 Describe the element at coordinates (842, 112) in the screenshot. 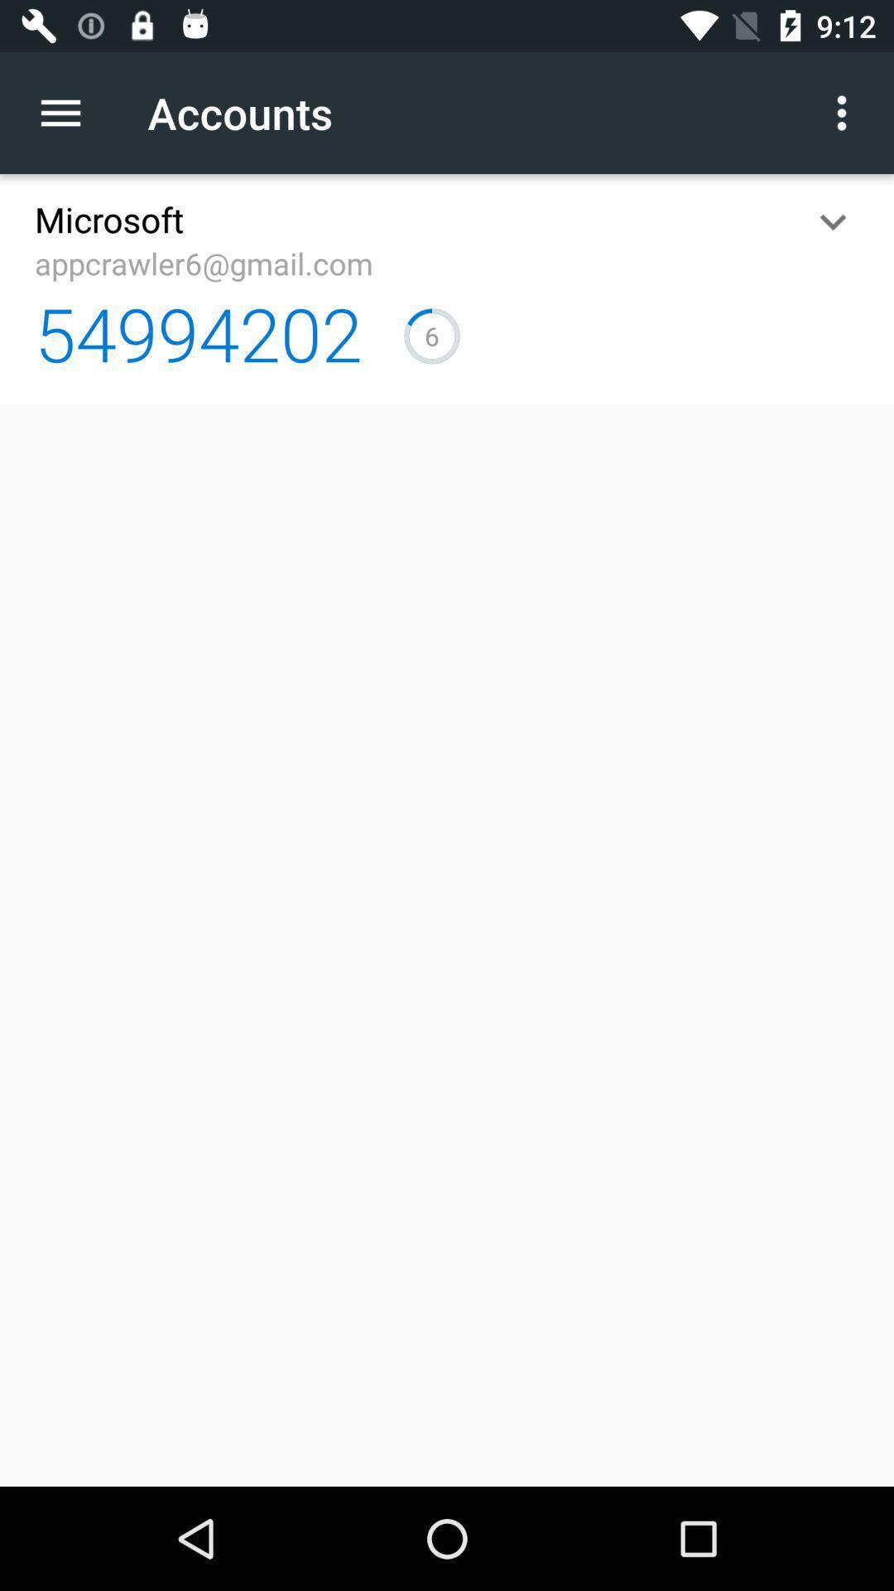

I see `app to the right of accounts icon` at that location.